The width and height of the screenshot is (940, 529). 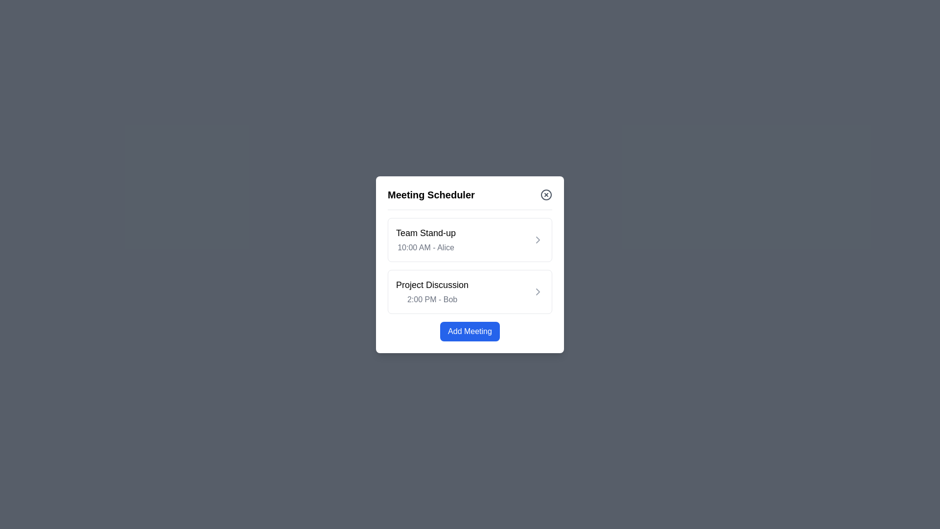 I want to click on the text label displaying '2:00 PM - Bob' located below the 'Project Discussion' heading in the second meeting card of the Meeting Scheduler interface, so click(x=432, y=299).